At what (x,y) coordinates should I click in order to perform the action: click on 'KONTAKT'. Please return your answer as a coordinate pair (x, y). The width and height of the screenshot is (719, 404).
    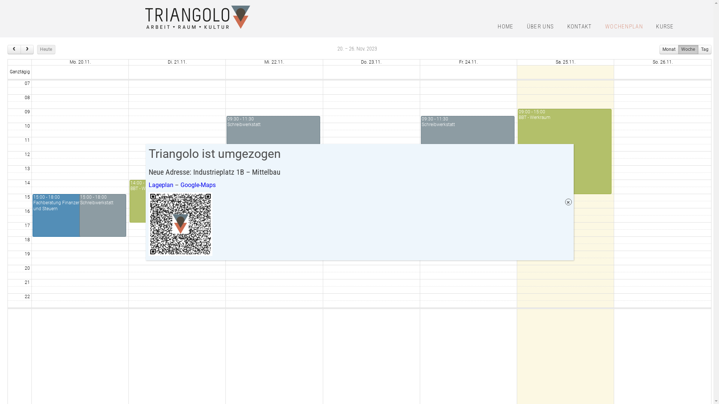
    Looking at the image, I should click on (579, 27).